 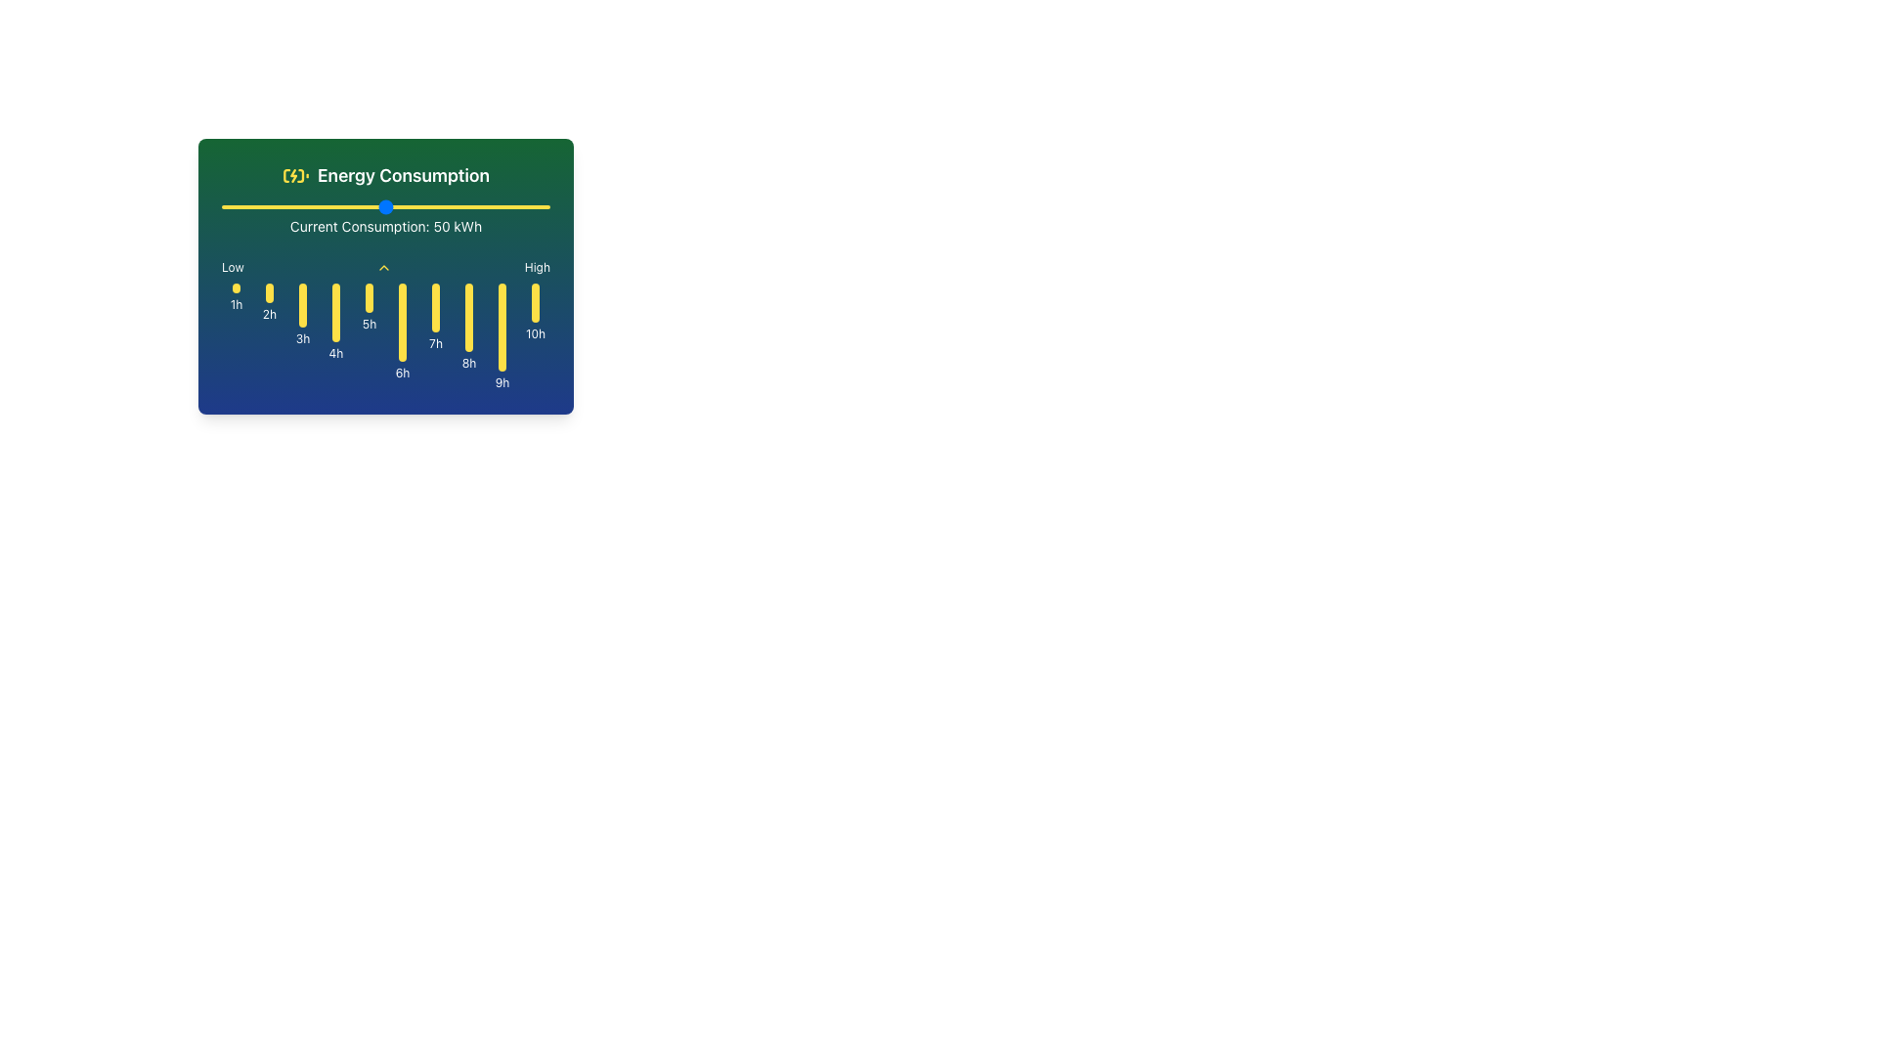 I want to click on the energy consumption slider, so click(x=457, y=208).